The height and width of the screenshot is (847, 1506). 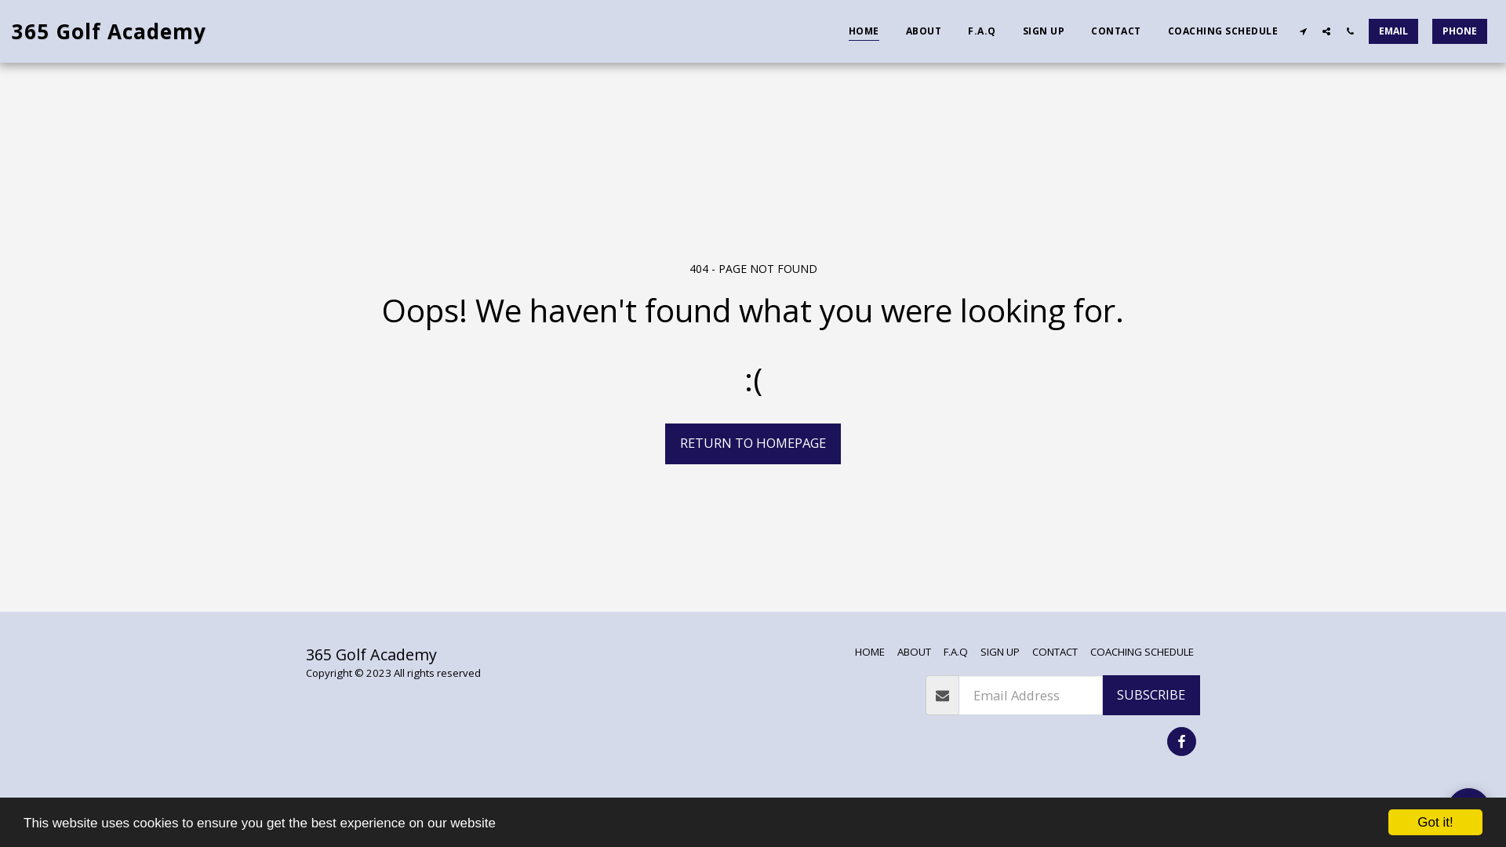 I want to click on ' ', so click(x=1325, y=31).